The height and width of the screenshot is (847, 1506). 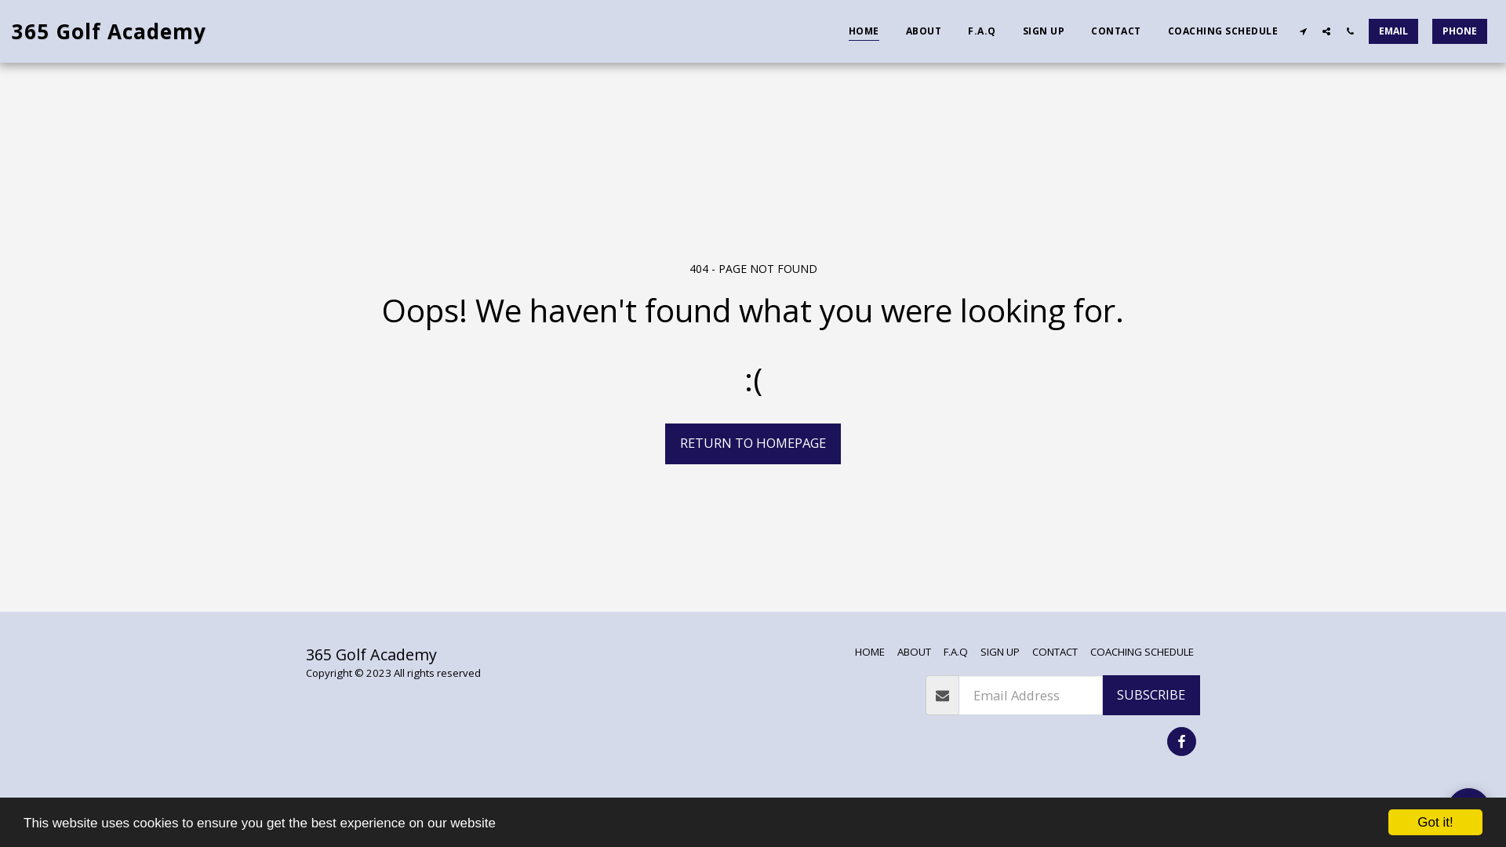 I want to click on ' ', so click(x=1325, y=31).